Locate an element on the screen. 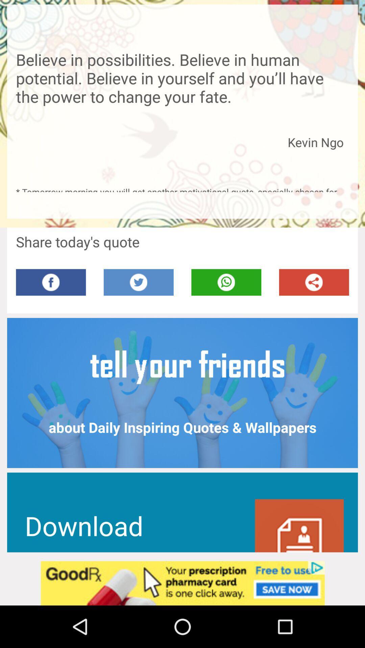 The width and height of the screenshot is (365, 648). share the article is located at coordinates (314, 282).